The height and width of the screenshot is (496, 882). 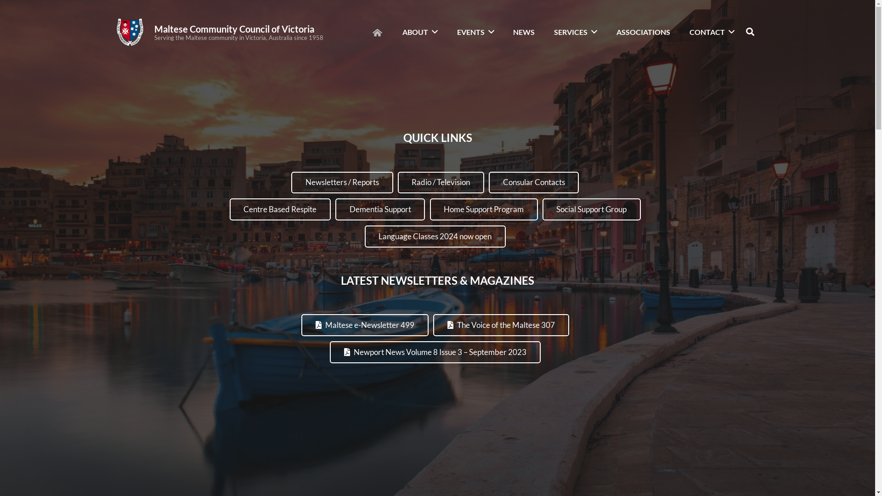 What do you see at coordinates (547, 31) in the screenshot?
I see `'SERVICES'` at bounding box center [547, 31].